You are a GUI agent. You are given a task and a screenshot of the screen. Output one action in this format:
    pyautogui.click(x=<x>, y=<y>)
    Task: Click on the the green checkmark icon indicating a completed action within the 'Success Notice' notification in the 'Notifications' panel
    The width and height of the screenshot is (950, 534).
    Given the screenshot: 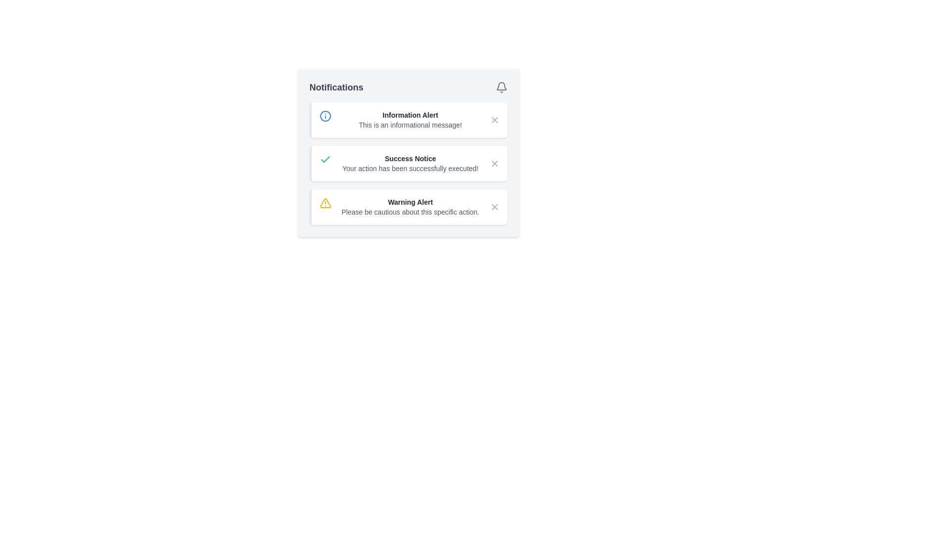 What is the action you would take?
    pyautogui.click(x=325, y=159)
    